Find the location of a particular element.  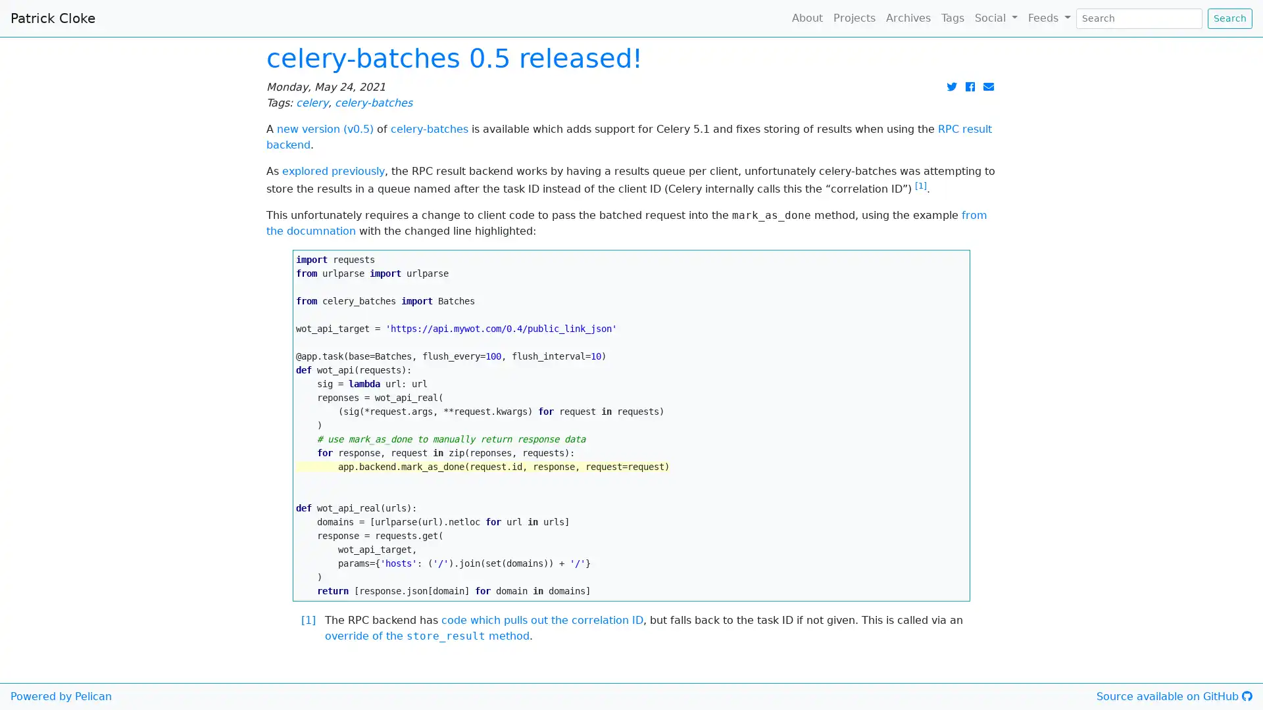

Search is located at coordinates (1229, 18).